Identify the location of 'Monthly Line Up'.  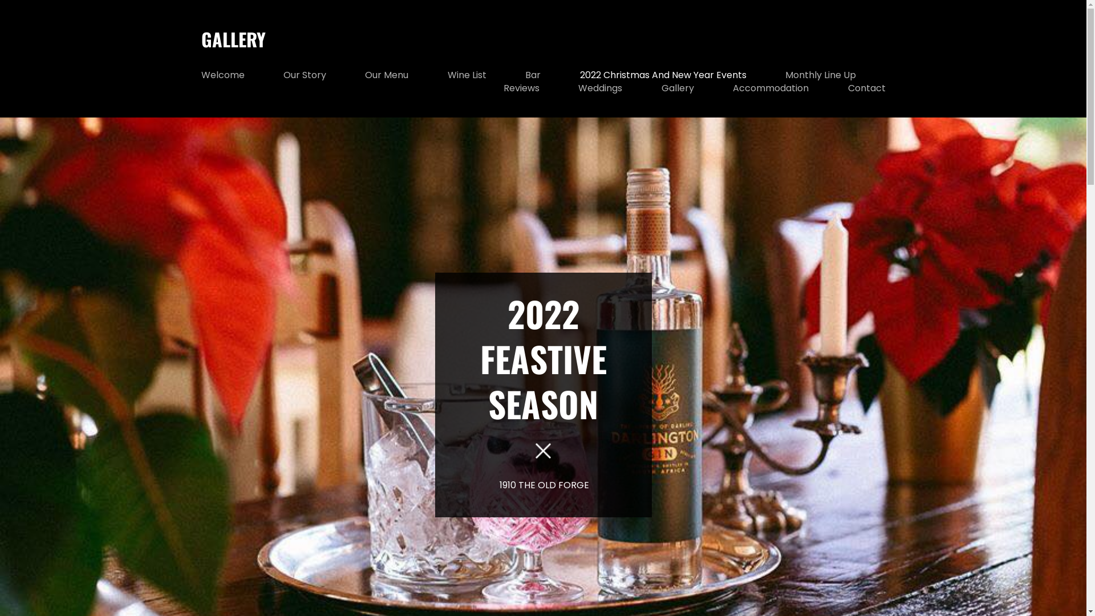
(820, 75).